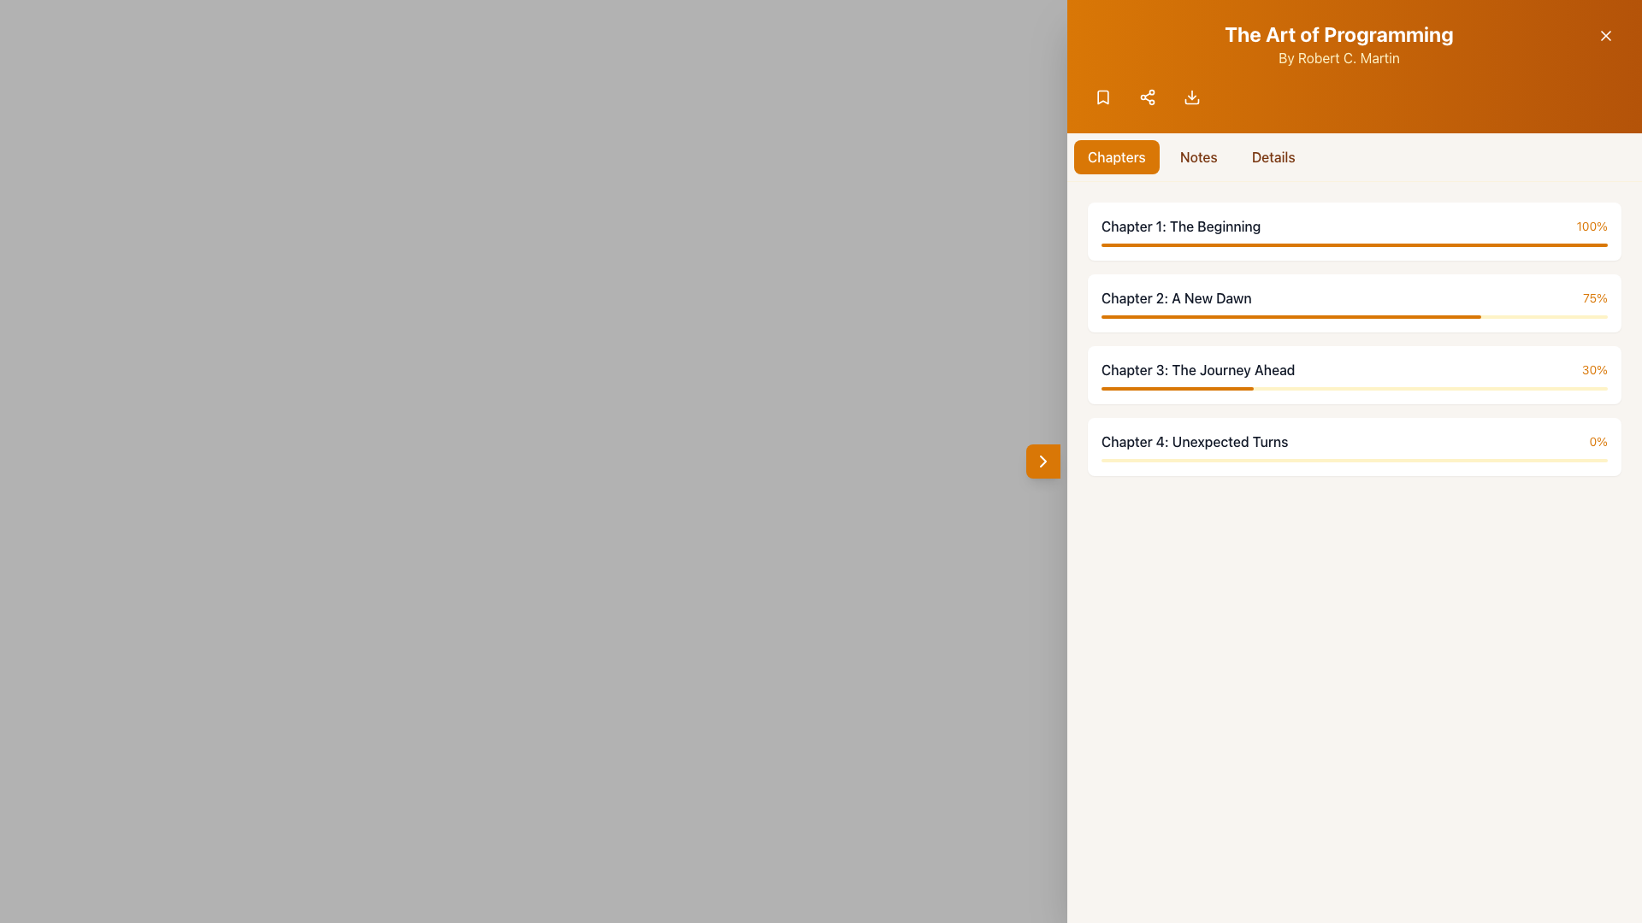  Describe the element at coordinates (1604, 36) in the screenshot. I see `the close button located in the upper-right corner of the book details card` at that location.